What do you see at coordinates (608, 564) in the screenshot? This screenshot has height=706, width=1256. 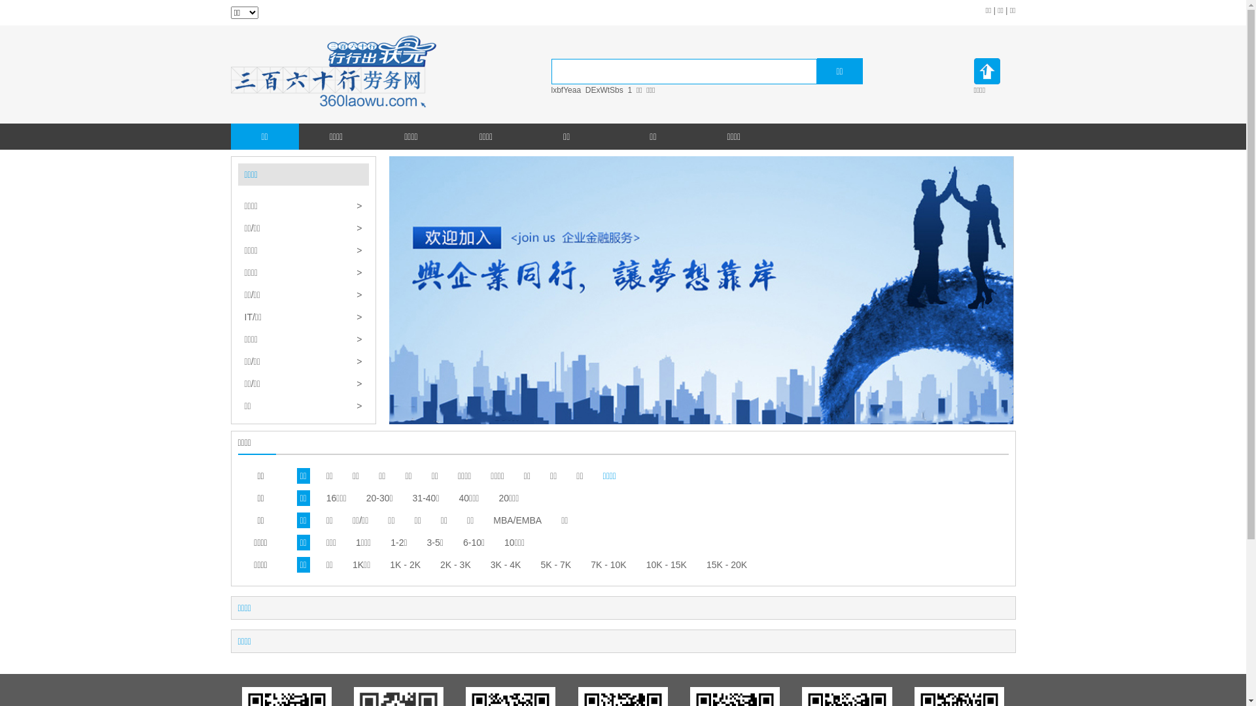 I see `'7K - 10K'` at bounding box center [608, 564].